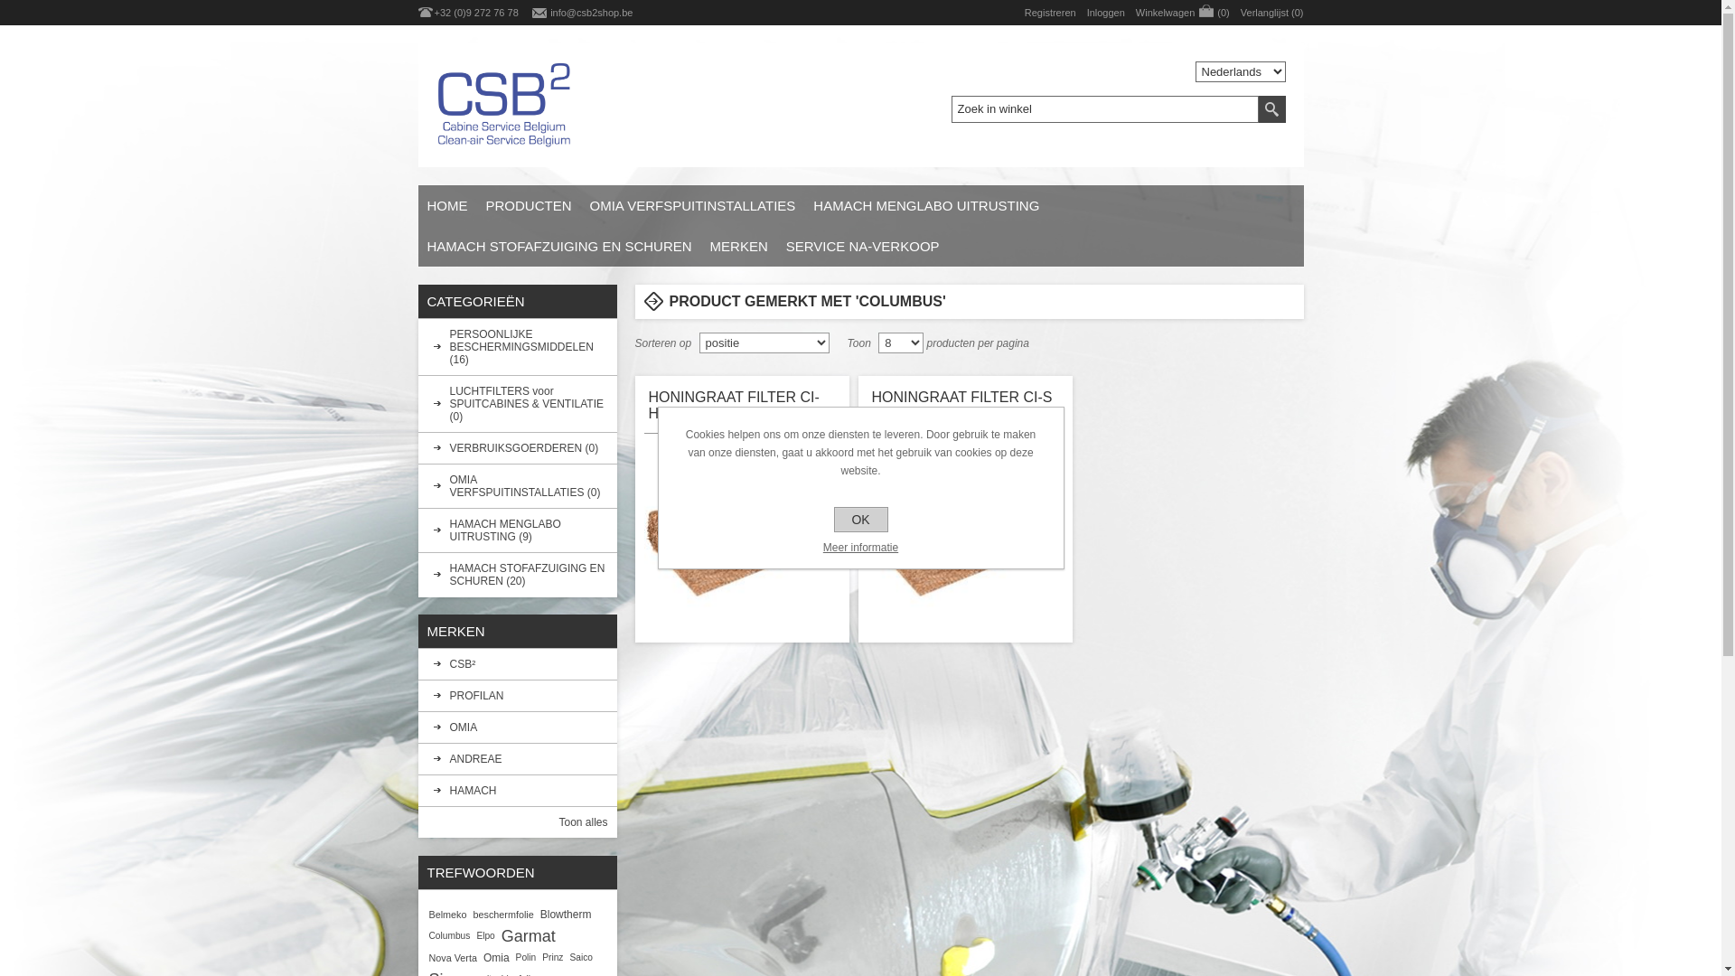 This screenshot has height=976, width=1735. Describe the element at coordinates (580, 957) in the screenshot. I see `'Saico'` at that location.